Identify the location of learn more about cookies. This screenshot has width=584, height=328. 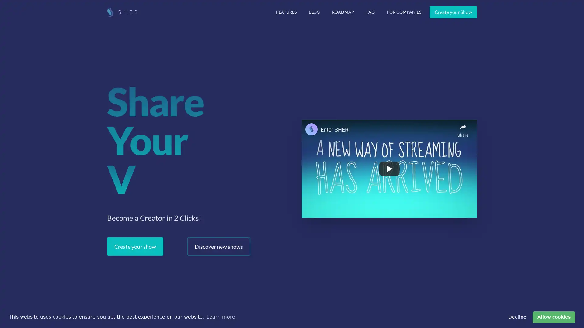
(220, 317).